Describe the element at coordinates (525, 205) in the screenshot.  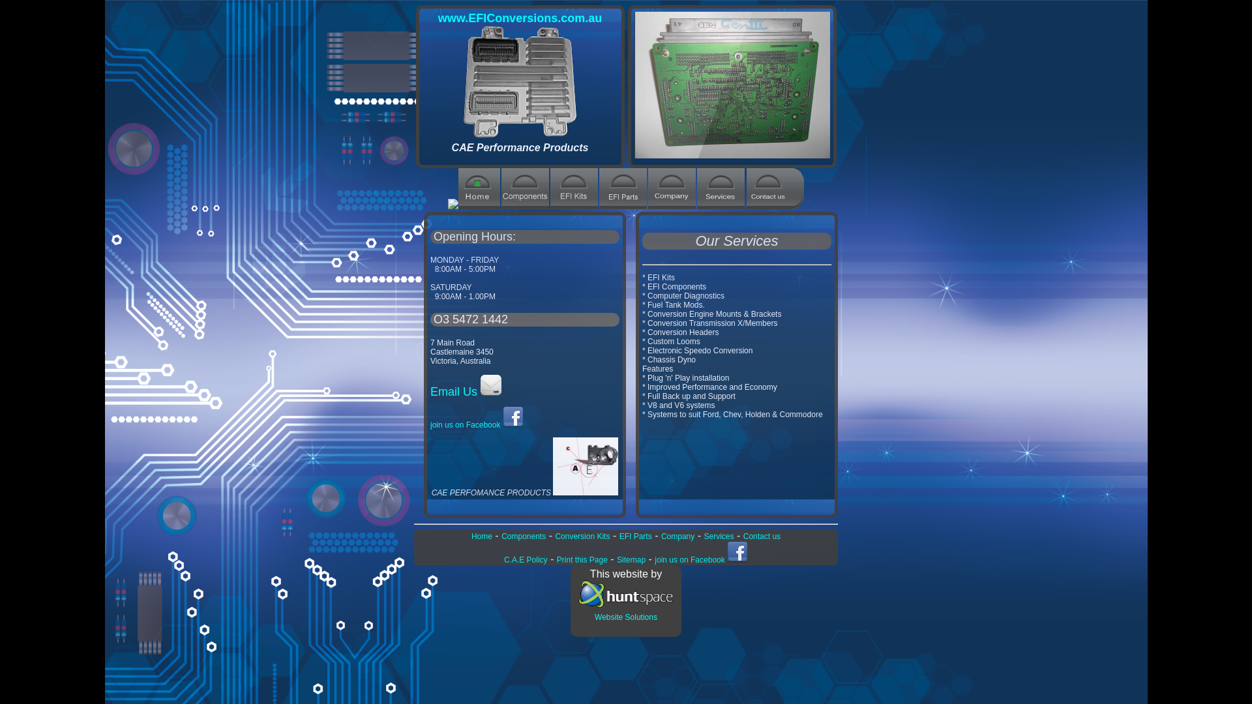
I see `'CAE EFI Components'` at that location.